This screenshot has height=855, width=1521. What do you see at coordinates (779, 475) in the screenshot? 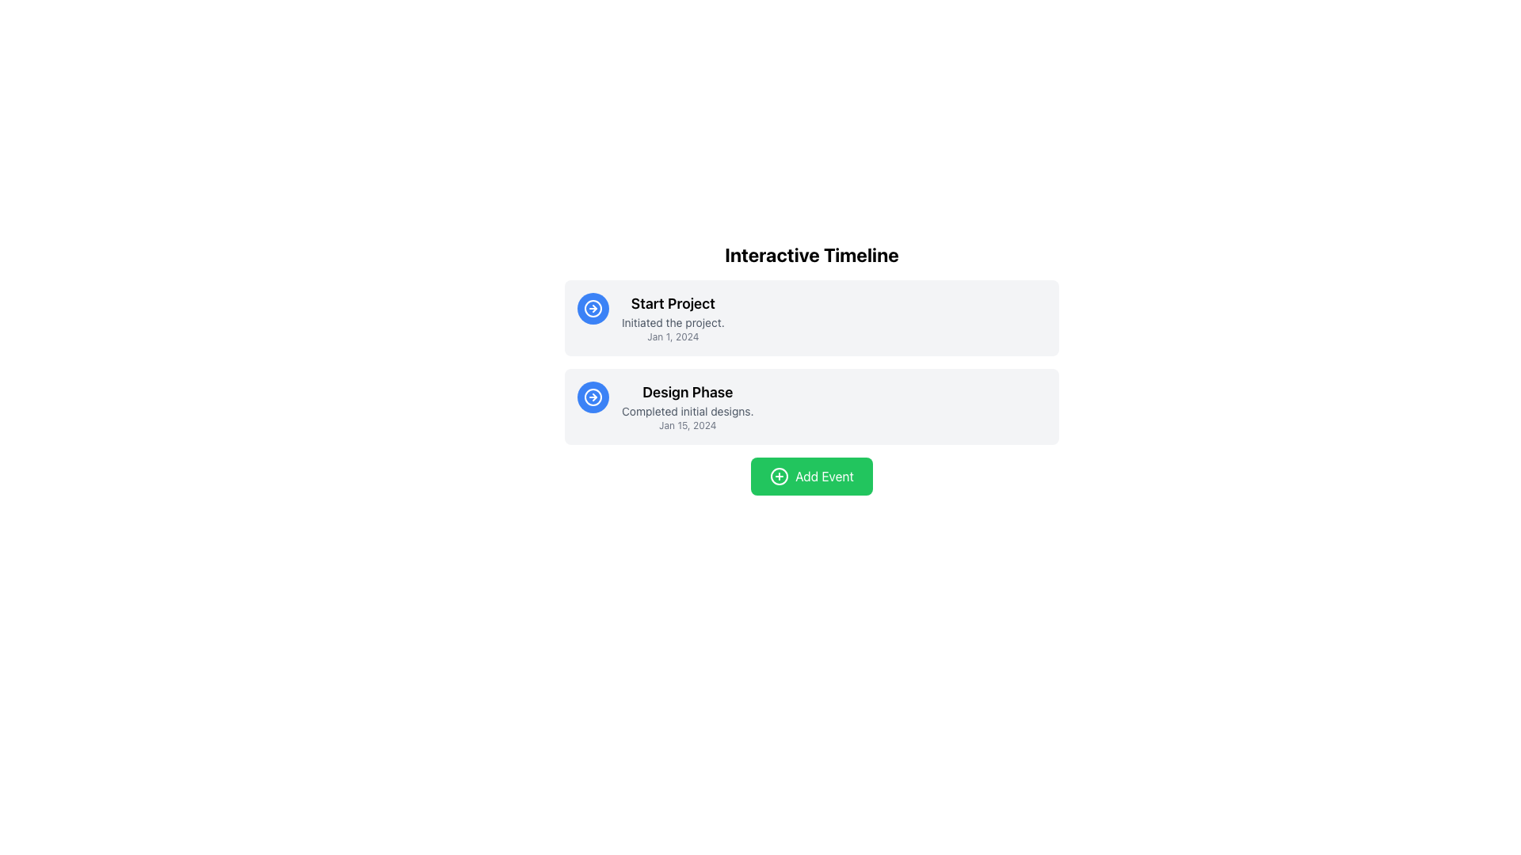
I see `the addition icon located centrally within the 'Add Event' button to invite users` at bounding box center [779, 475].